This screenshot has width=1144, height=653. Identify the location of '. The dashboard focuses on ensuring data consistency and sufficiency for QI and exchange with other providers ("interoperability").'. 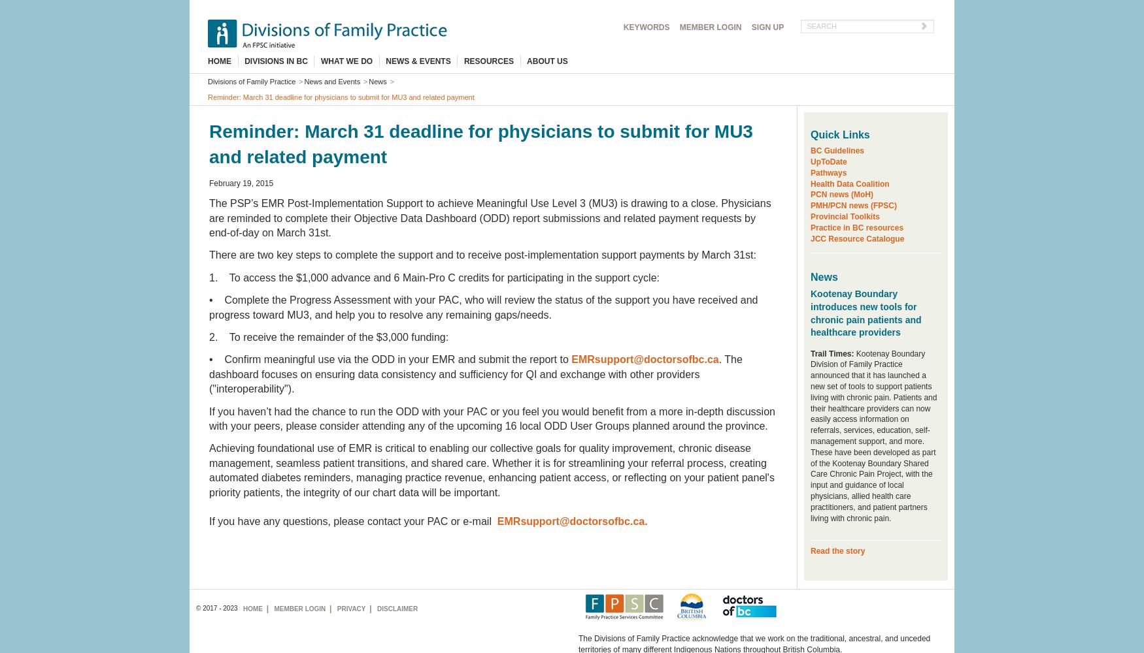
(475, 374).